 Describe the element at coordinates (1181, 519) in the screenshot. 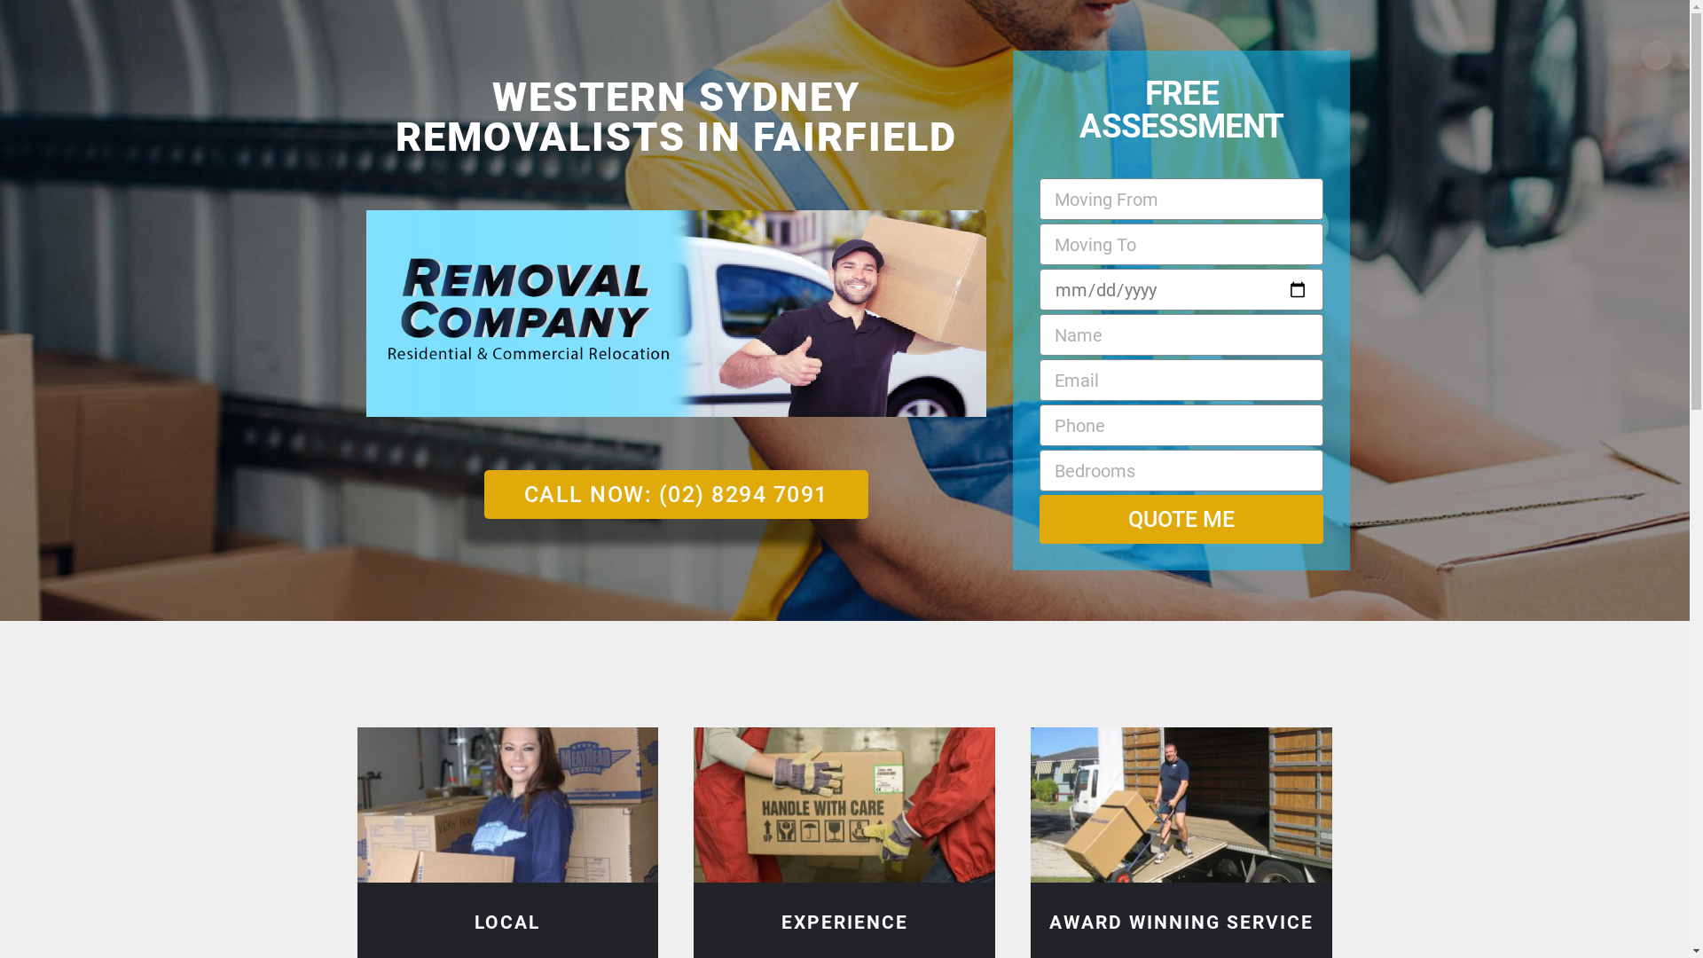

I see `'QUOTE ME'` at that location.